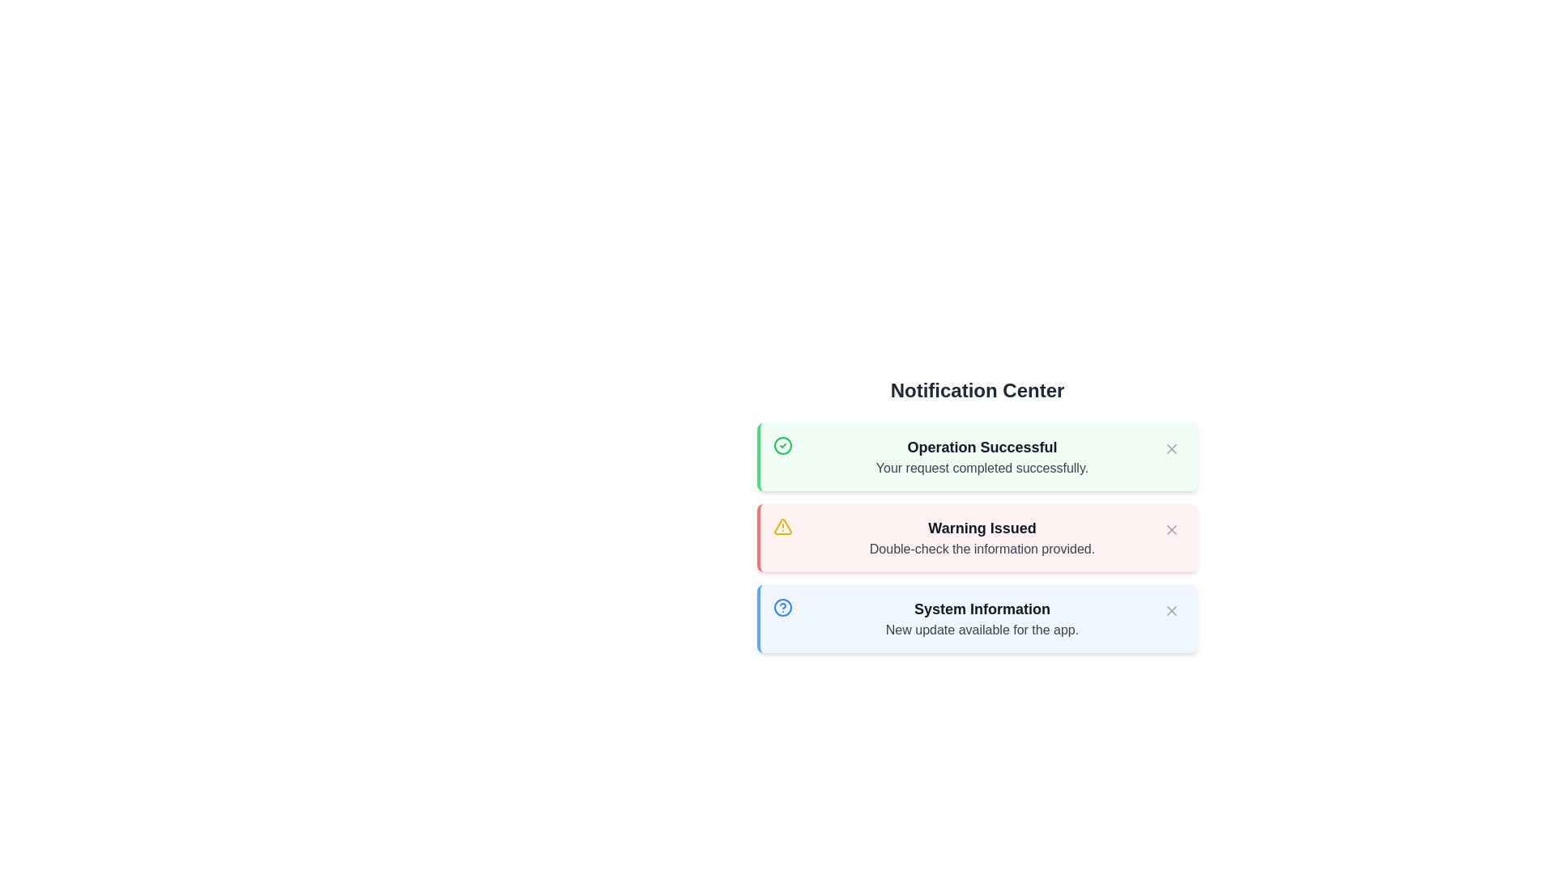  Describe the element at coordinates (982, 609) in the screenshot. I see `the bold, medium-sized text reading 'System Information' which is prominently placed in the third card of the notification section, styled with a light blue background` at that location.